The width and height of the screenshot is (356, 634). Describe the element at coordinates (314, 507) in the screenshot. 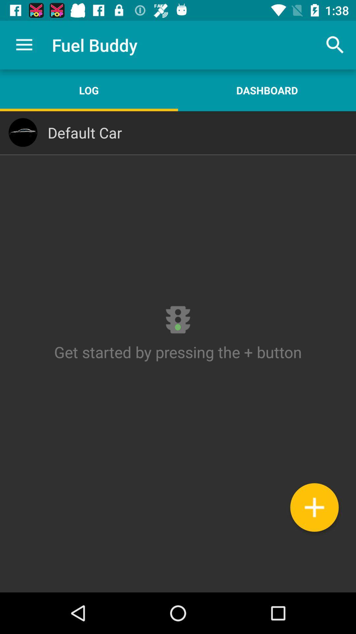

I see `a car` at that location.